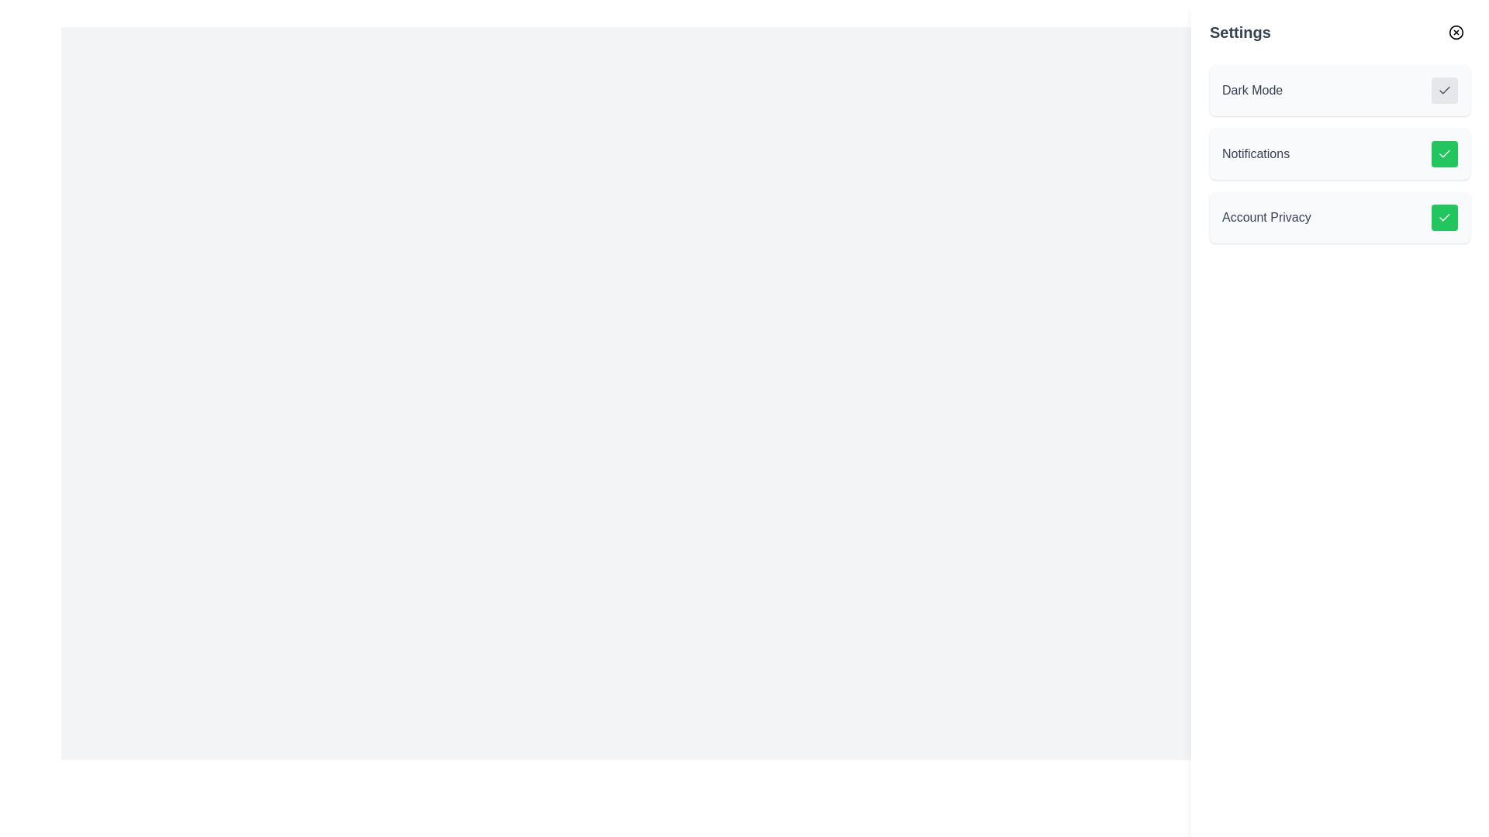 The height and width of the screenshot is (837, 1489). What do you see at coordinates (1443, 90) in the screenshot?
I see `the checkmark icon inside the toggle button for 'Dark Mode'` at bounding box center [1443, 90].